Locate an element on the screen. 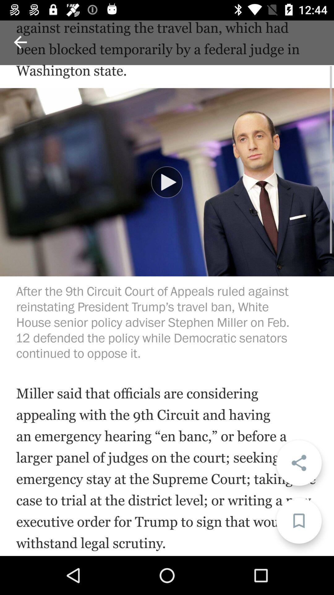 This screenshot has width=334, height=595. item at the top left corner is located at coordinates (20, 42).